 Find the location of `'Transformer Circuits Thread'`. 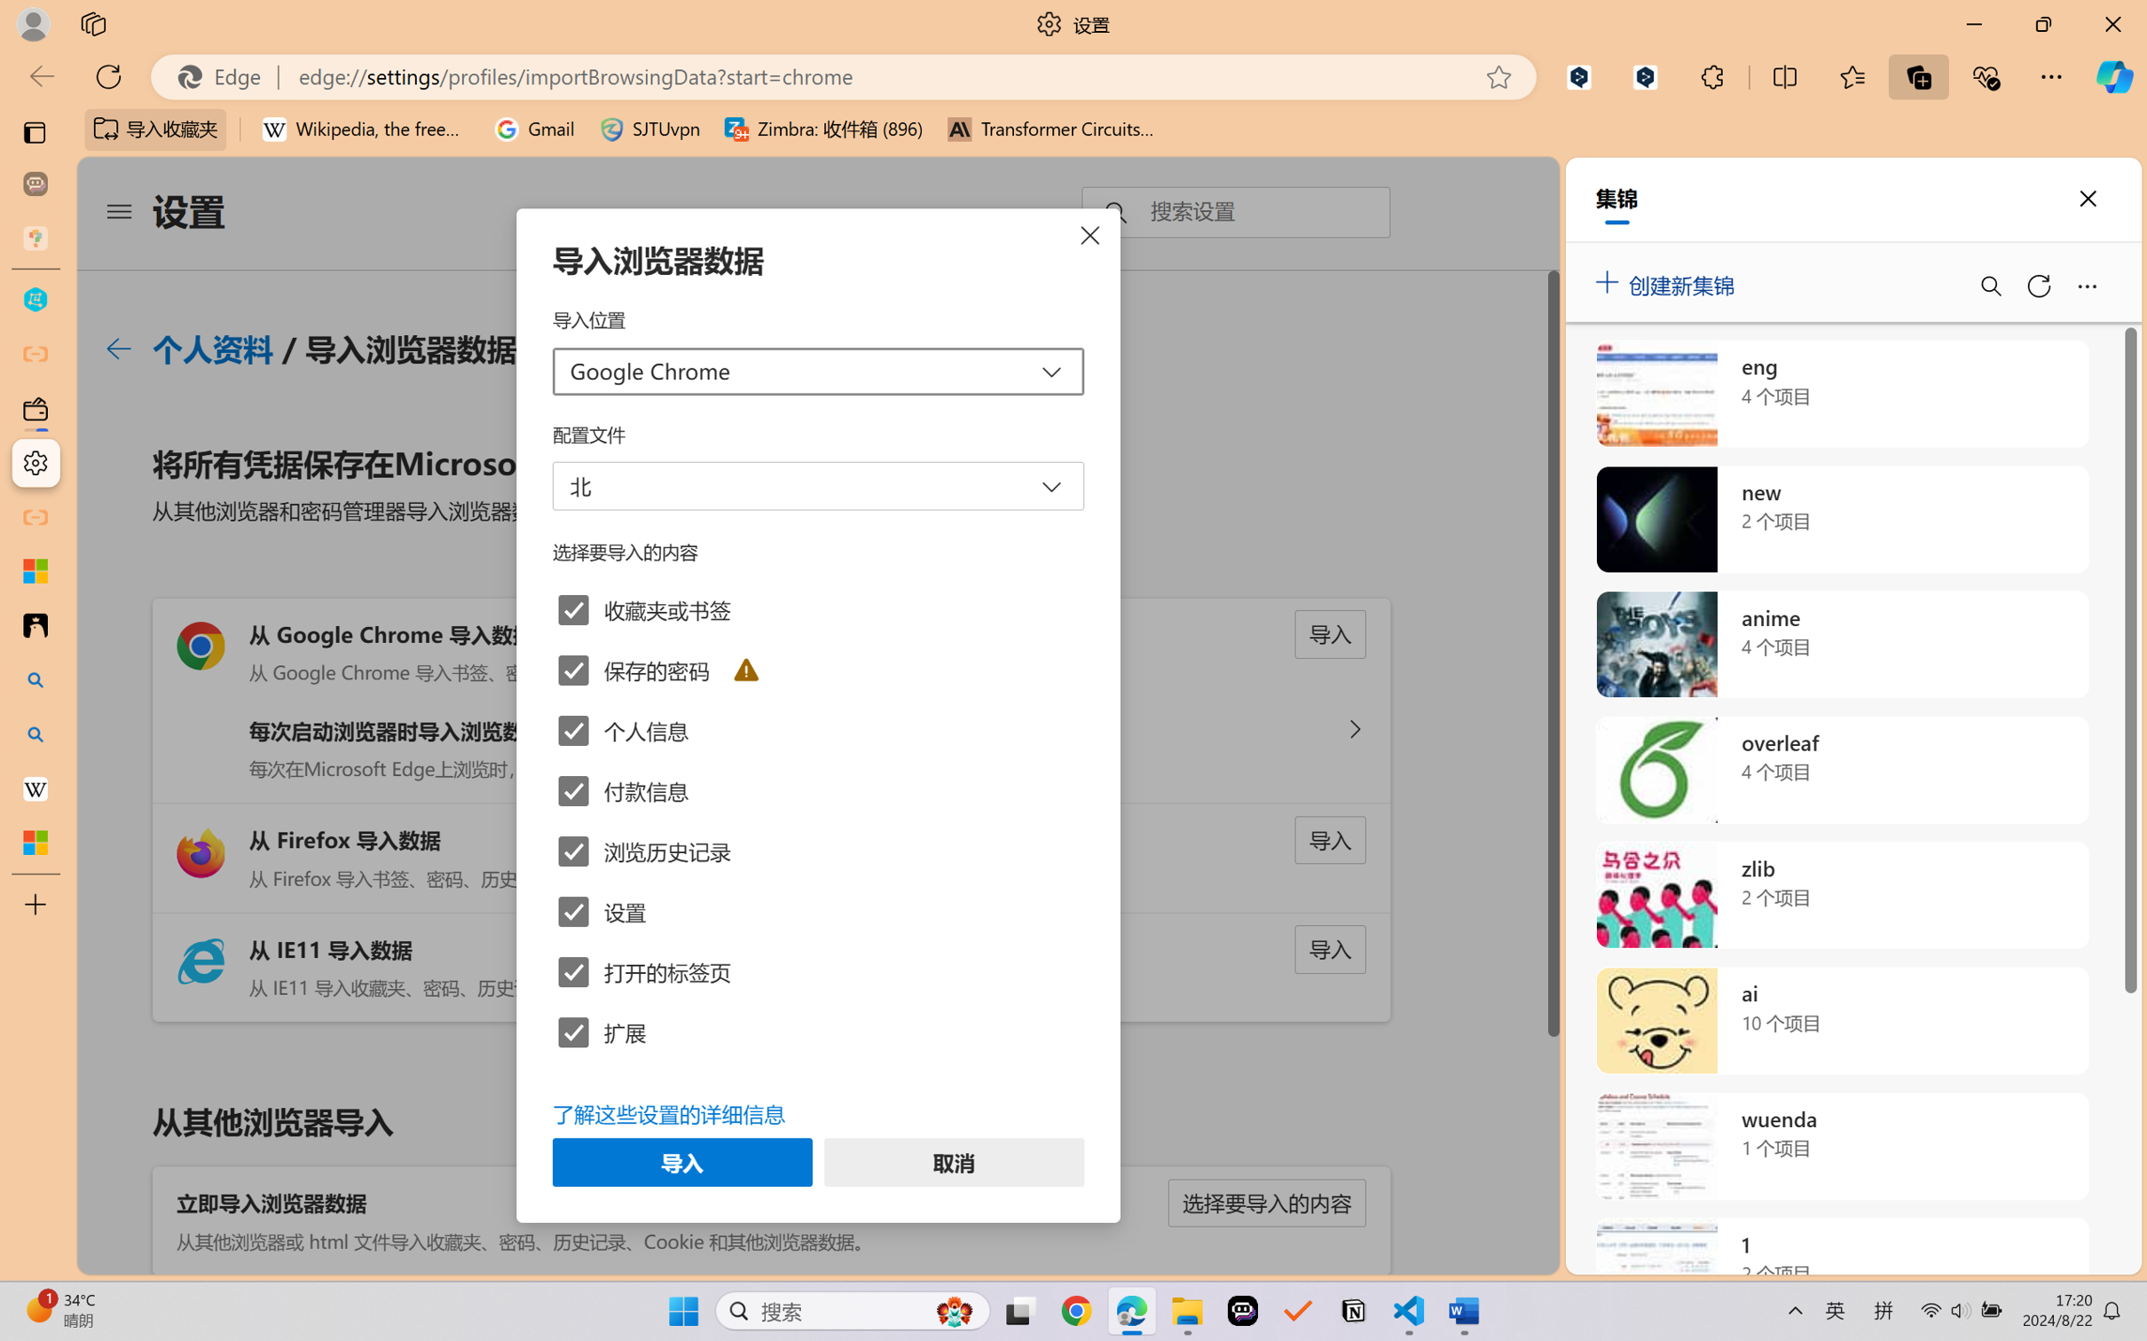

'Transformer Circuits Thread' is located at coordinates (1050, 129).